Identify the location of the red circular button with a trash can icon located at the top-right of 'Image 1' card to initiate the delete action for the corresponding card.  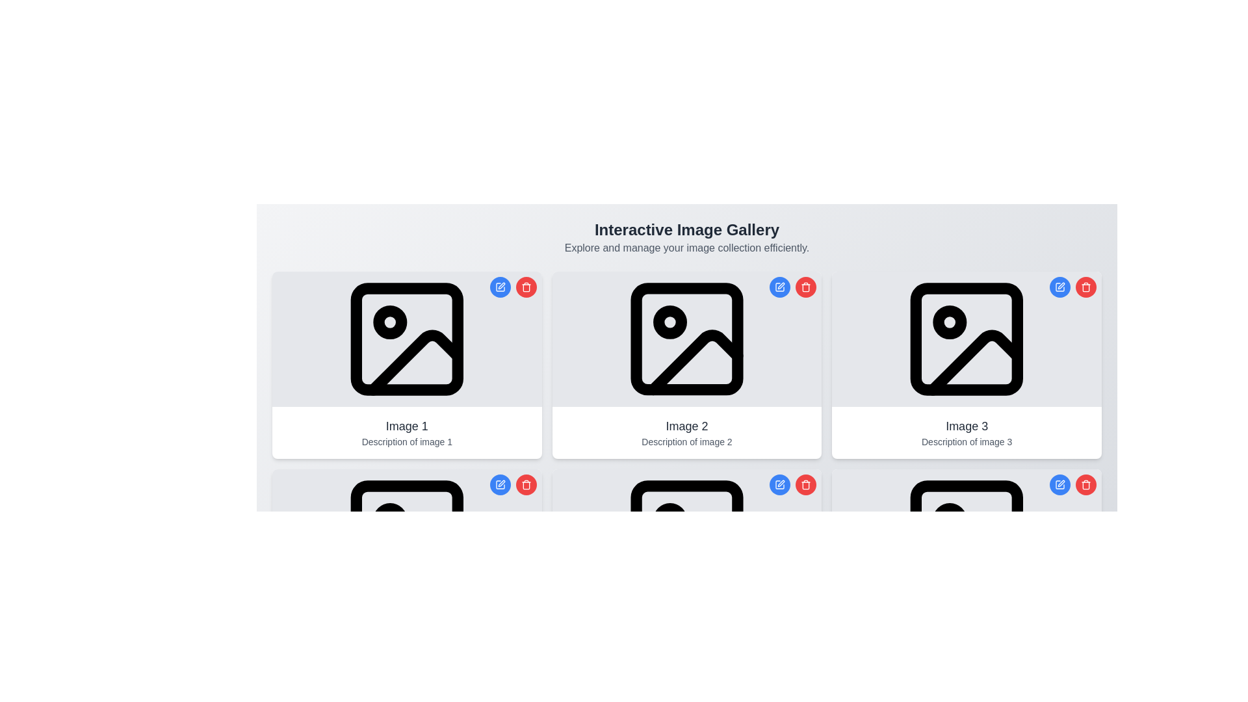
(526, 287).